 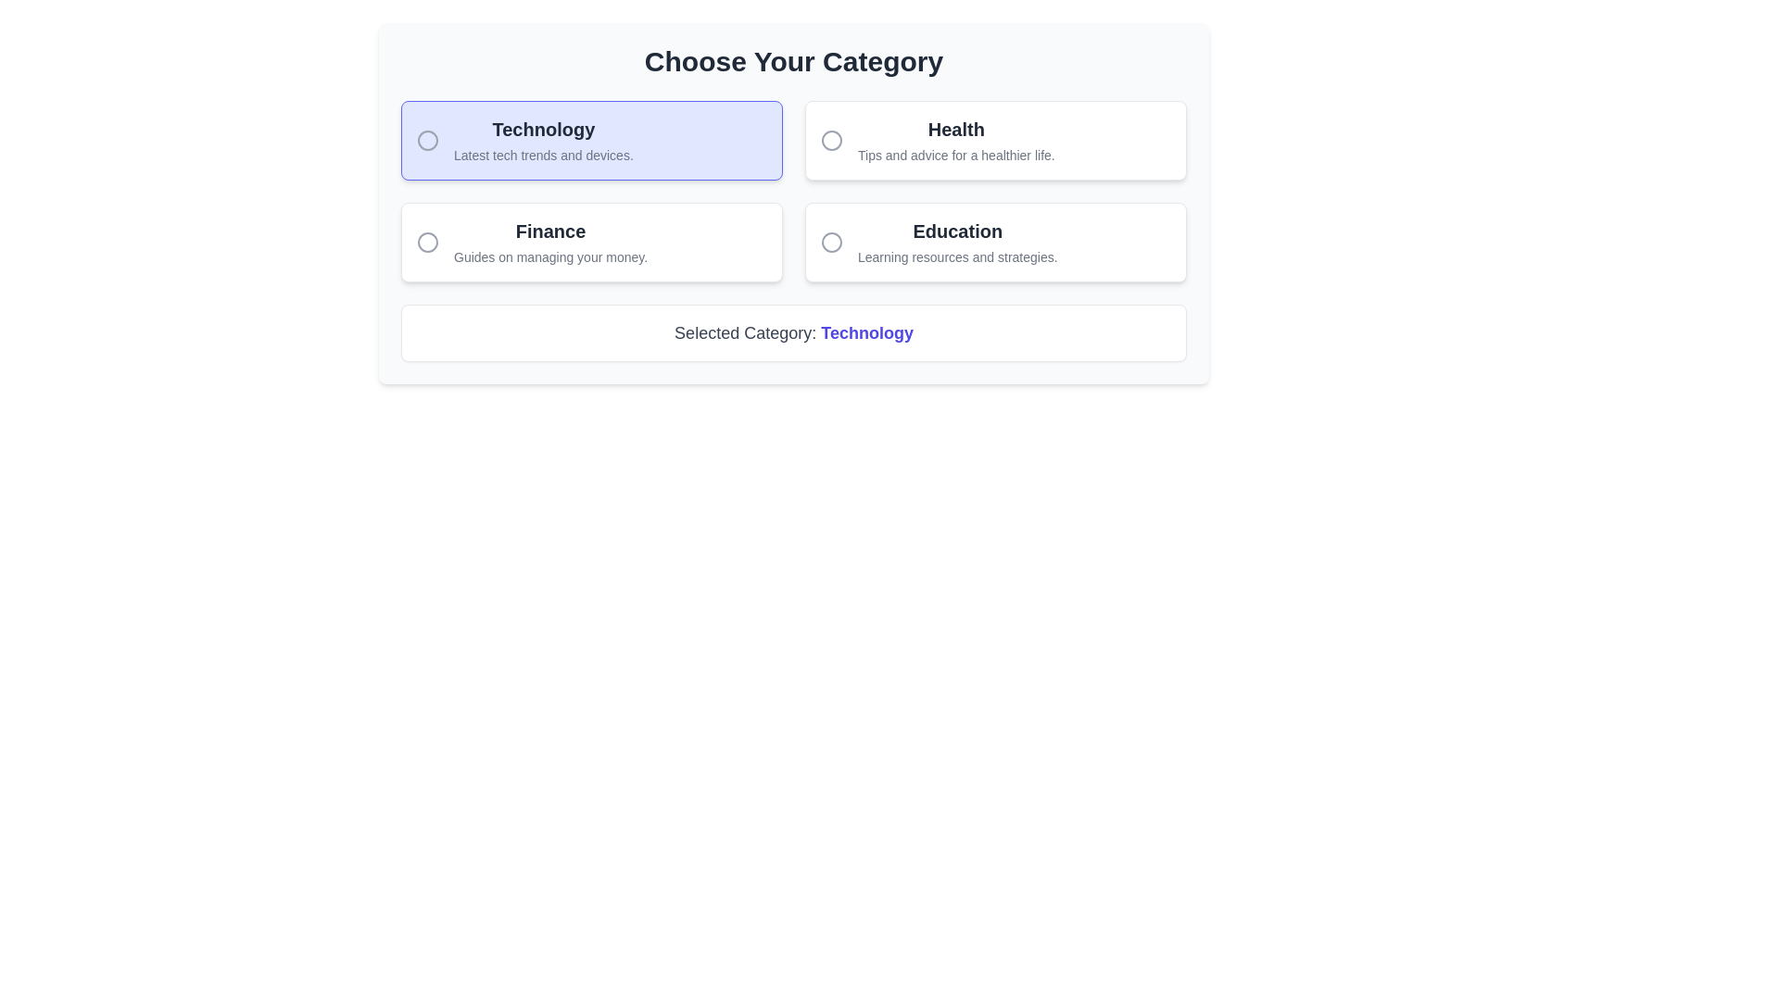 I want to click on the Circle icon in the Health category section, which serves as a selection marker or graphic design element, so click(x=830, y=139).